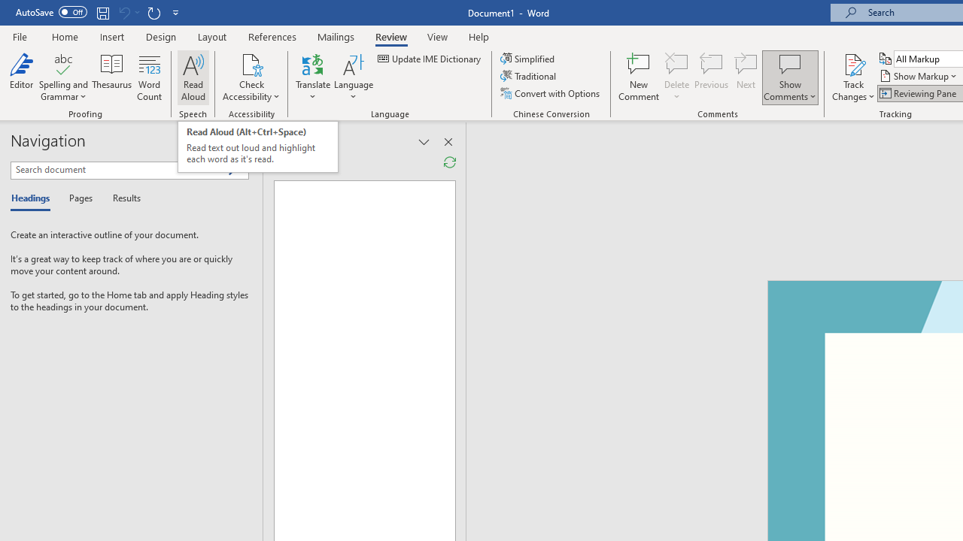 This screenshot has width=963, height=541. I want to click on 'Traditional', so click(530, 76).